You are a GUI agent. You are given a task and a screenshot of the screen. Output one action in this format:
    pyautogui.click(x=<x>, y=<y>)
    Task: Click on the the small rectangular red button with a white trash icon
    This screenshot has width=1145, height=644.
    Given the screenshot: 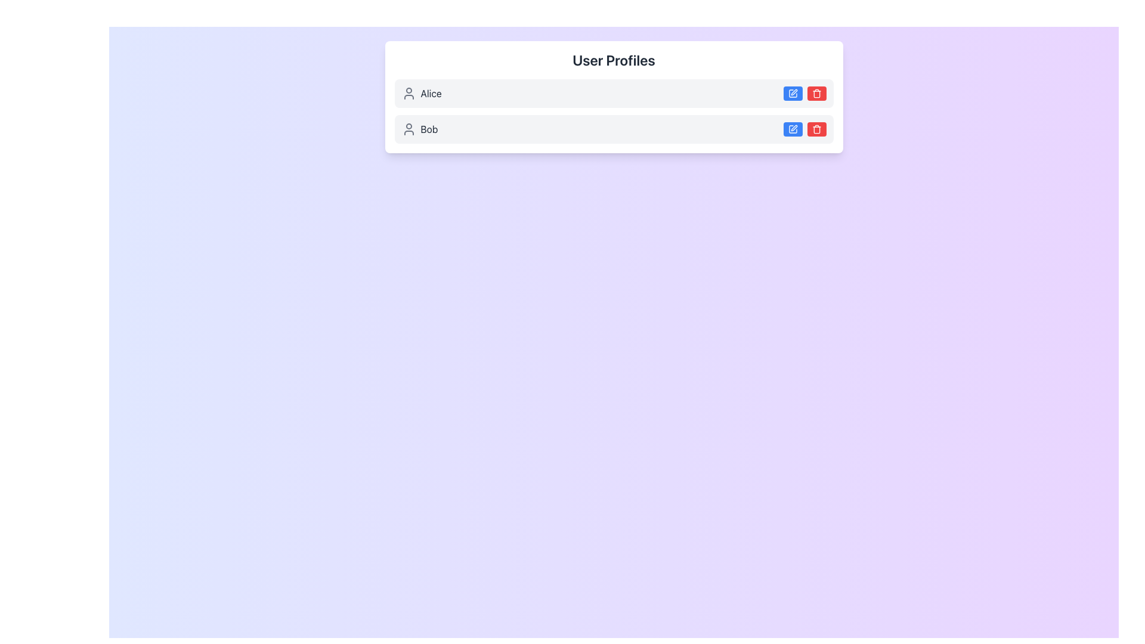 What is the action you would take?
    pyautogui.click(x=816, y=129)
    